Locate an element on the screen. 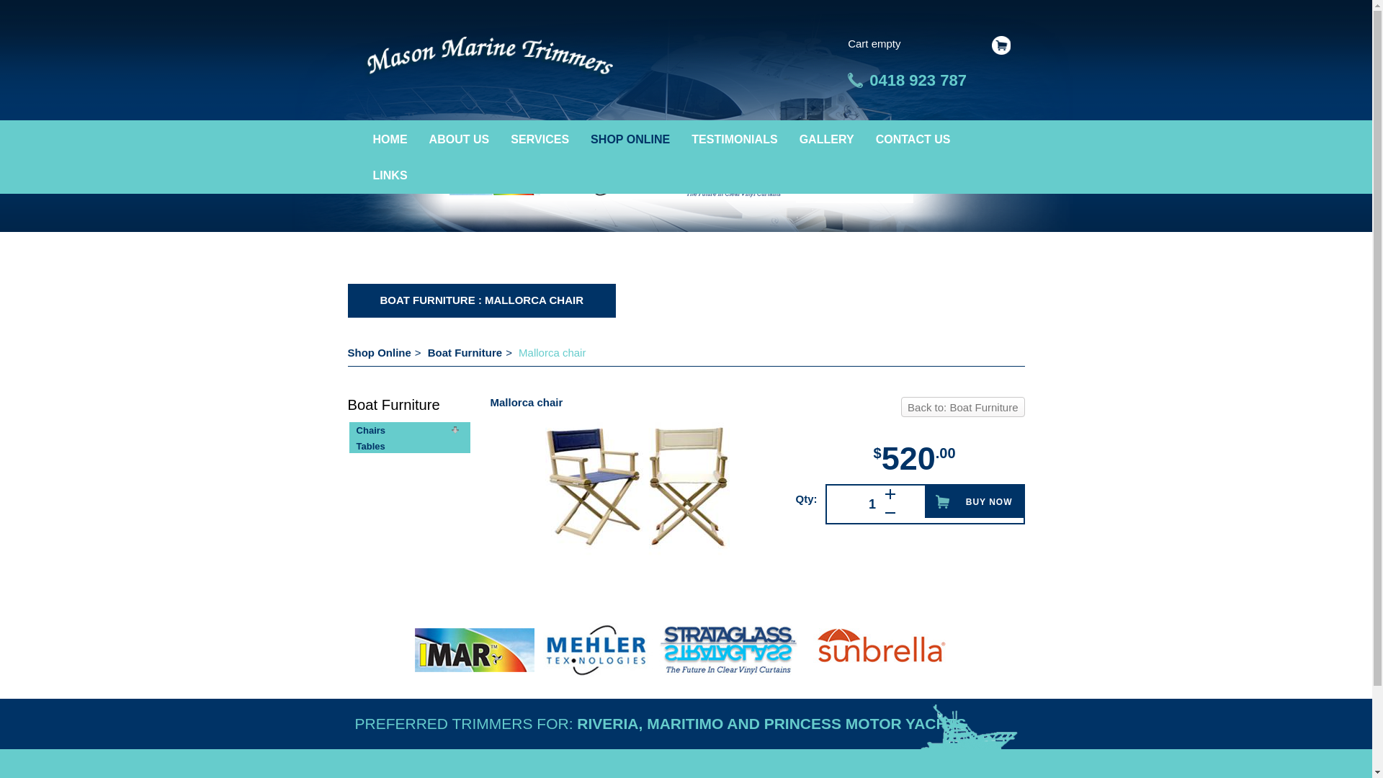 The image size is (1383, 778). 'Shop Online' is located at coordinates (379, 352).